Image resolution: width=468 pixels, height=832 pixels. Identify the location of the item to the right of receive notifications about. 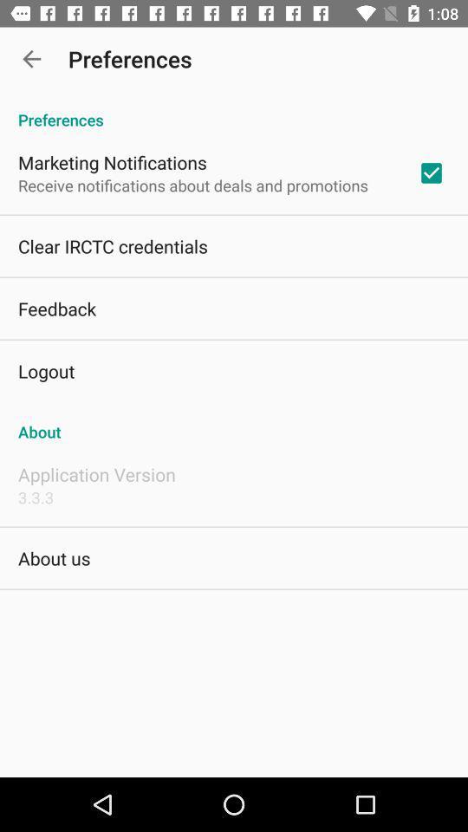
(430, 172).